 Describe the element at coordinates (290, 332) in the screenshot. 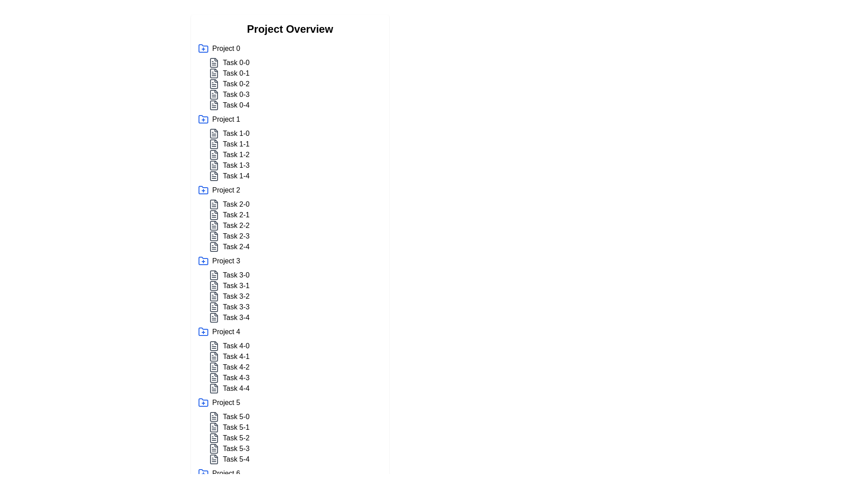

I see `the 'Project 4' button-like expandable list item, which is the topmost entry in its group under 'Project Overview'` at that location.